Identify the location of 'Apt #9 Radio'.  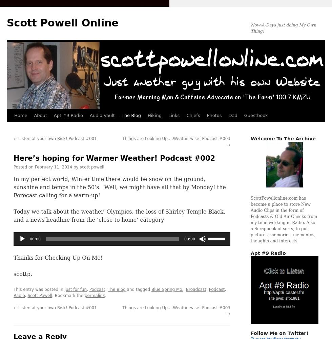
(250, 253).